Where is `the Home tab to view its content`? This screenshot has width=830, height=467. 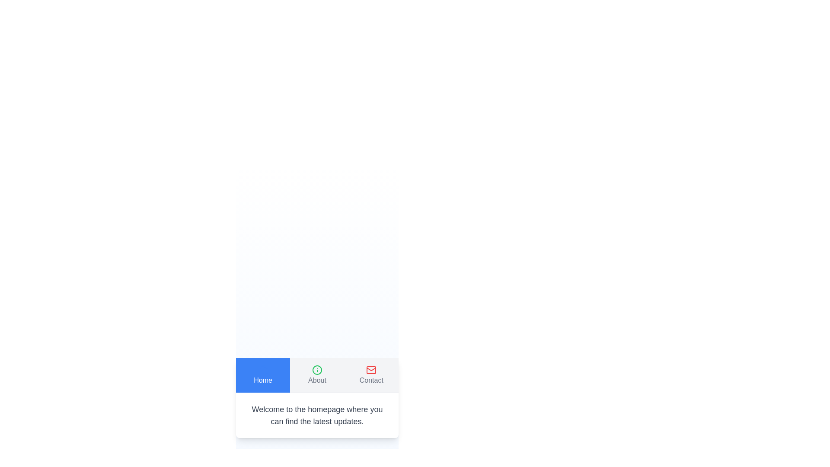 the Home tab to view its content is located at coordinates (262, 374).